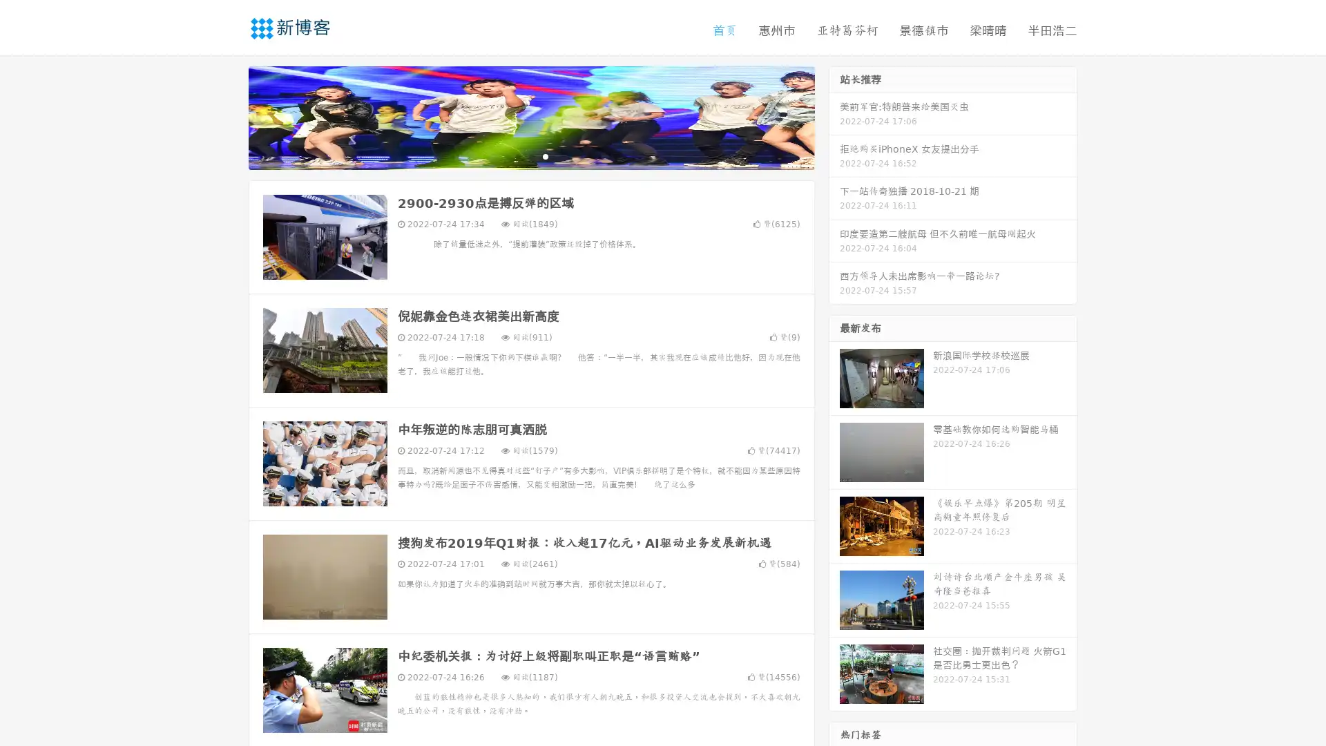 The height and width of the screenshot is (746, 1326). What do you see at coordinates (545, 155) in the screenshot?
I see `Go to slide 3` at bounding box center [545, 155].